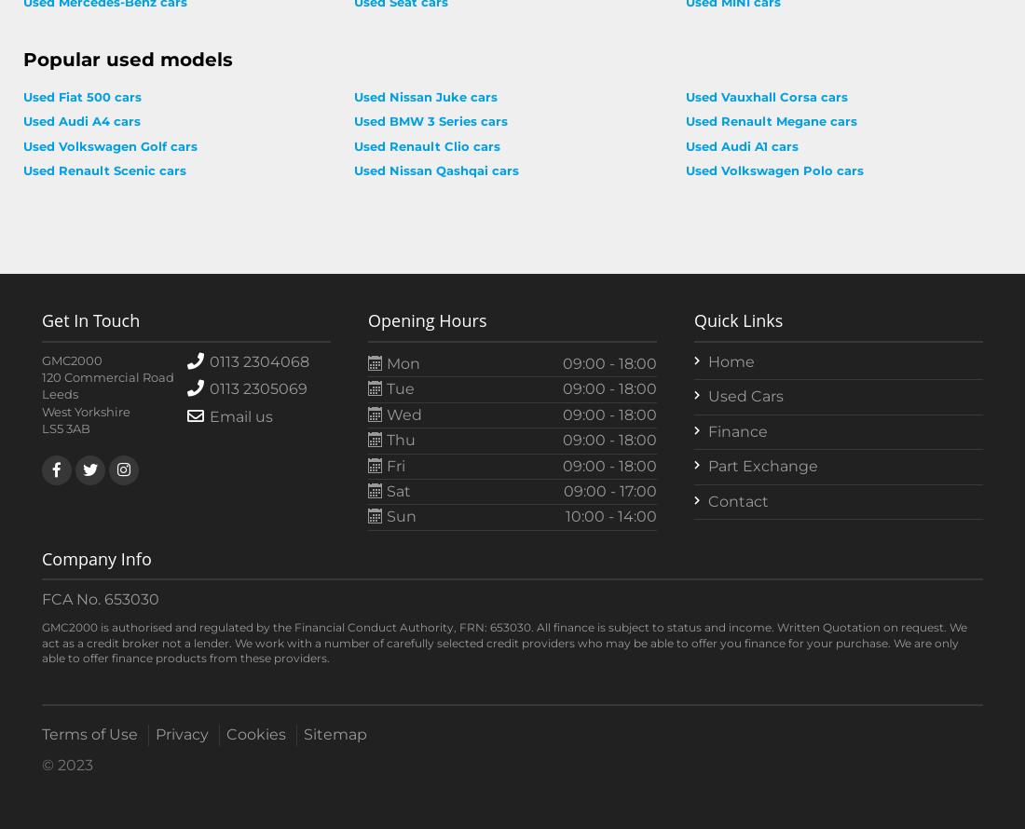  I want to click on 'Tue', so click(398, 387).